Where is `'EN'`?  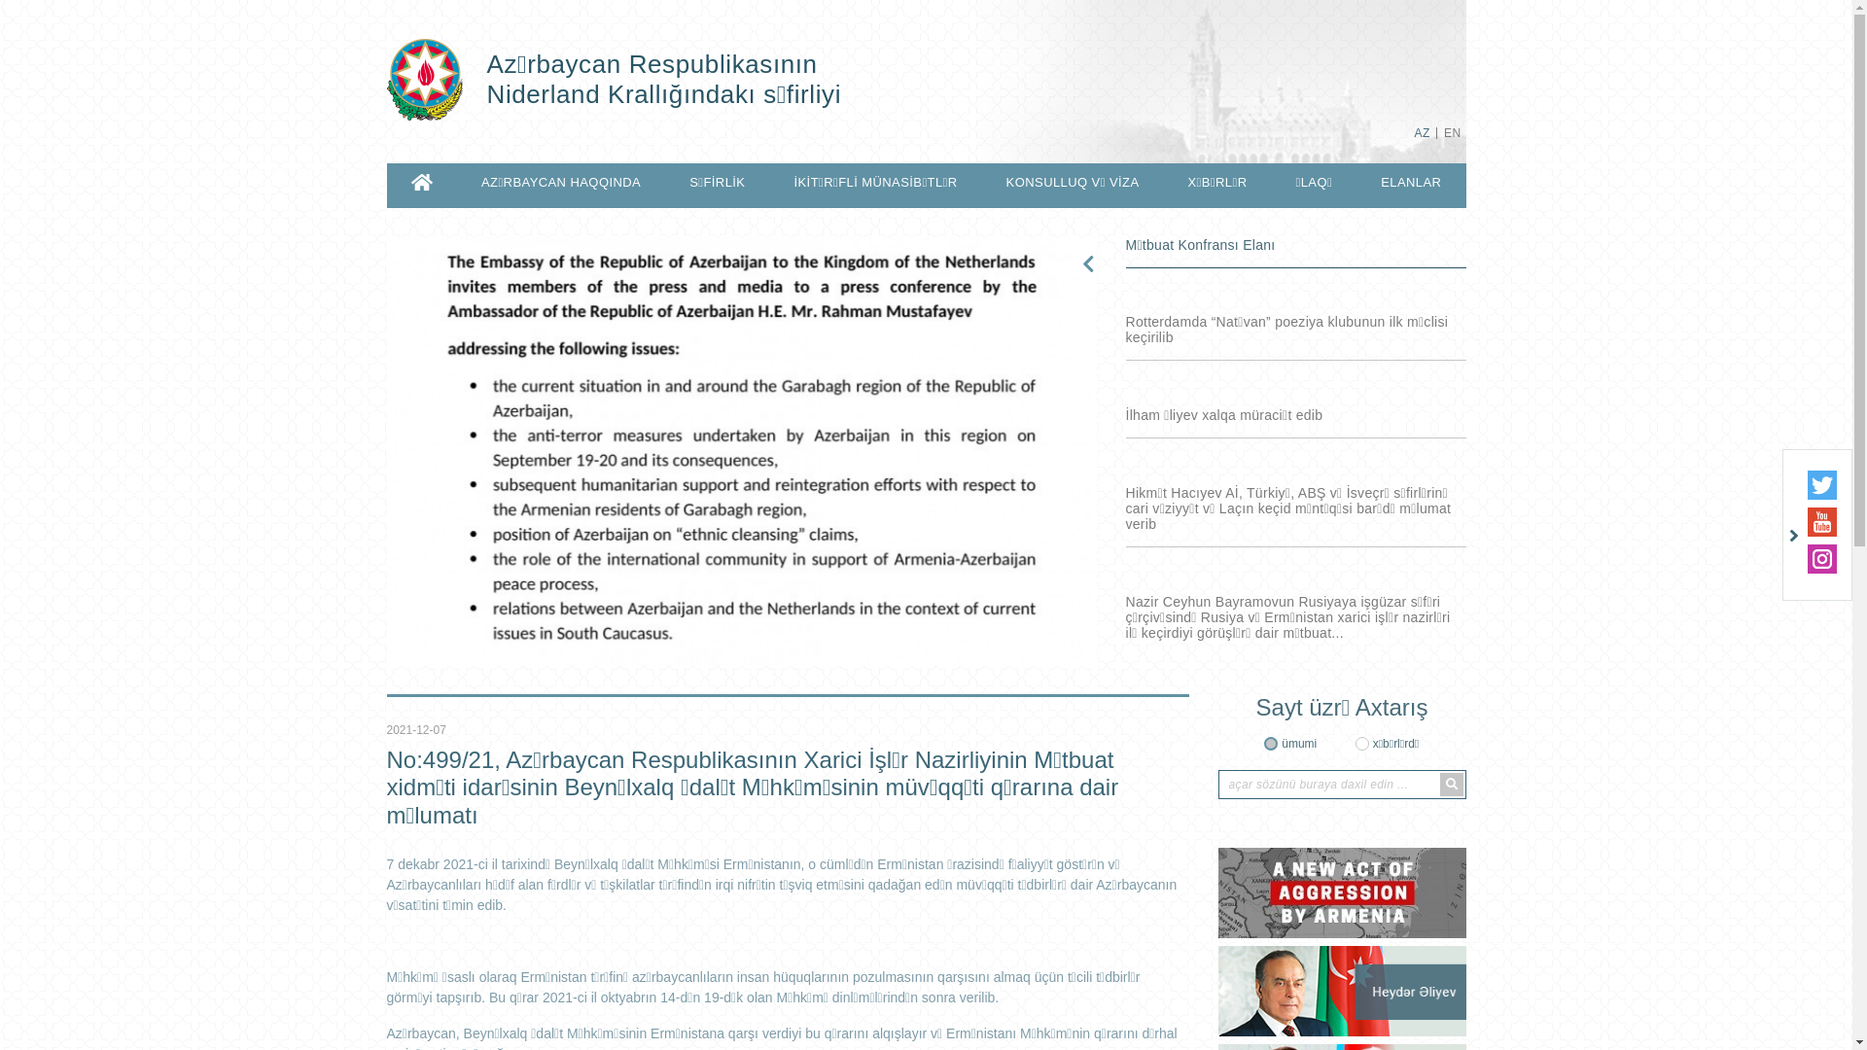 'EN' is located at coordinates (1438, 132).